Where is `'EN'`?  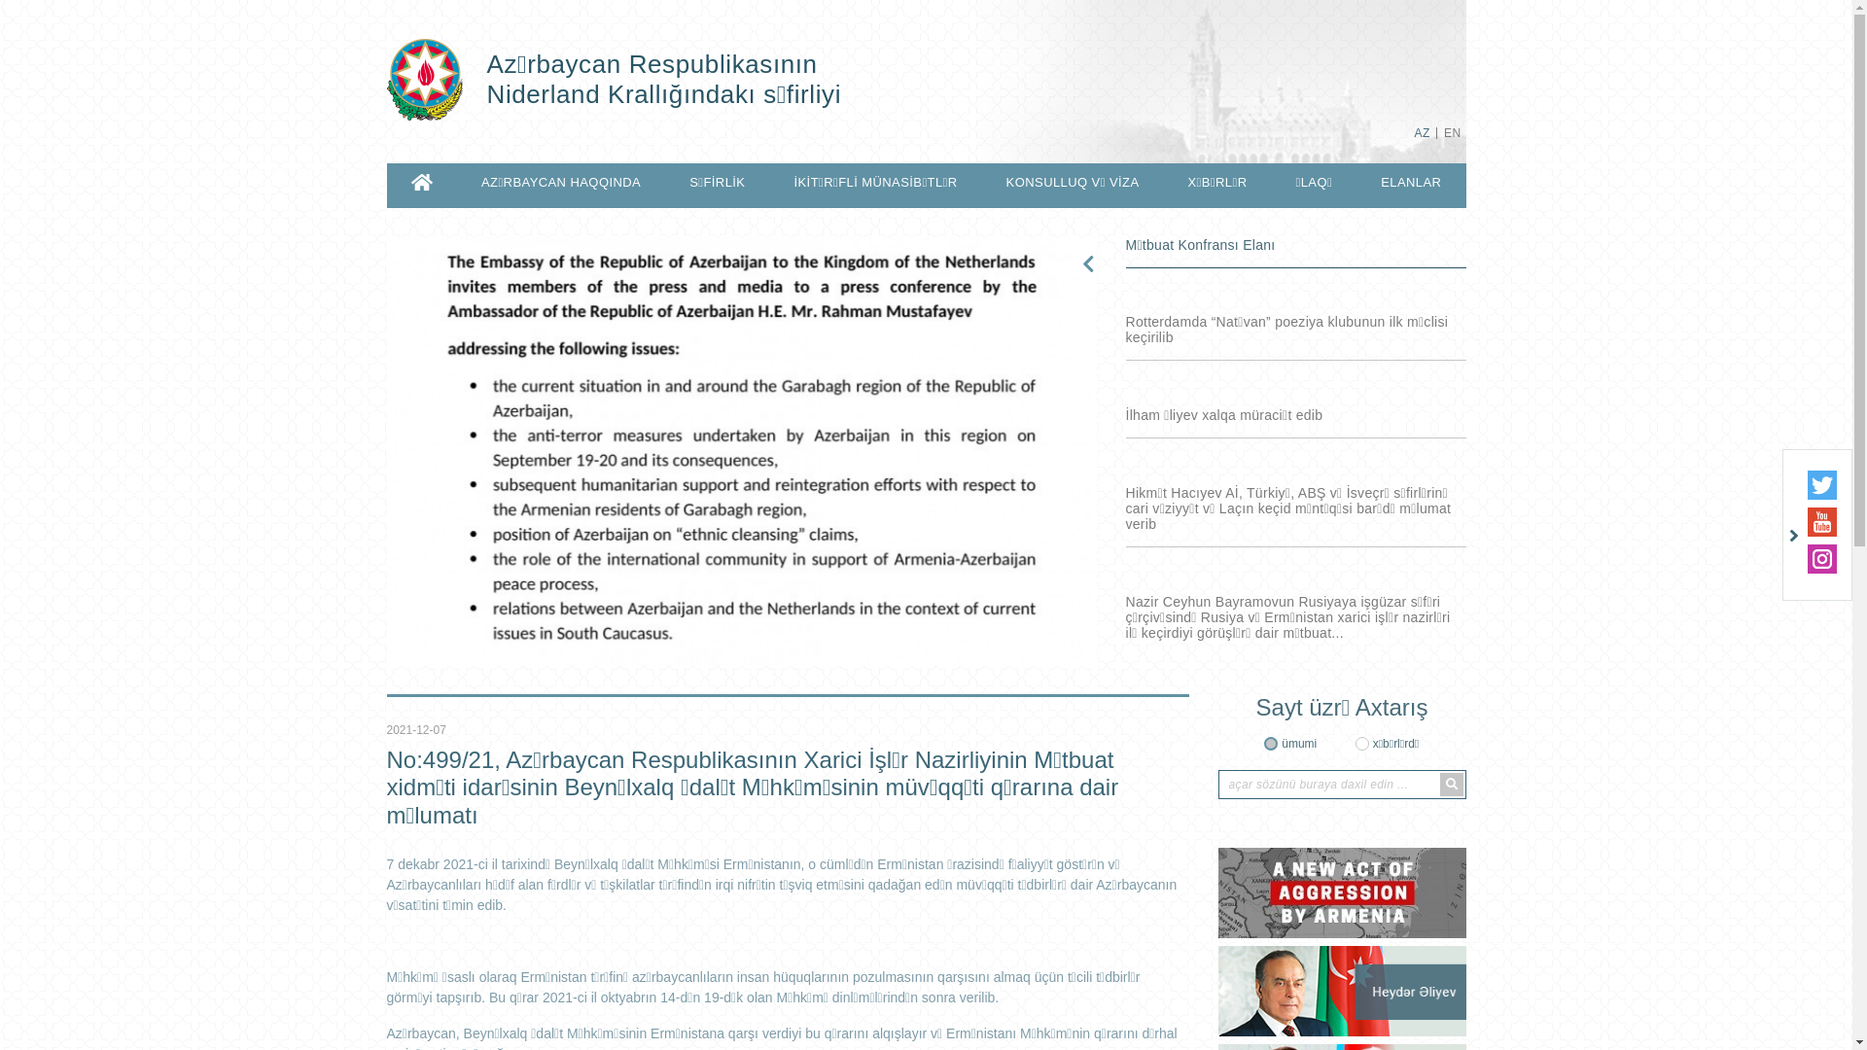 'EN' is located at coordinates (1438, 132).